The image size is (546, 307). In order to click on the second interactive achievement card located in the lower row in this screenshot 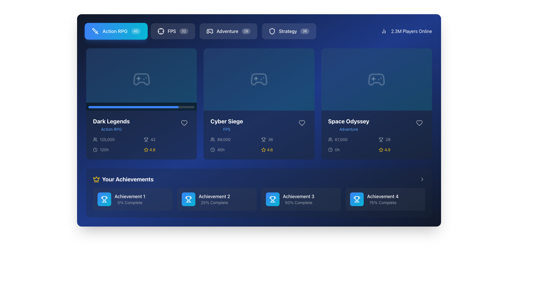, I will do `click(217, 199)`.